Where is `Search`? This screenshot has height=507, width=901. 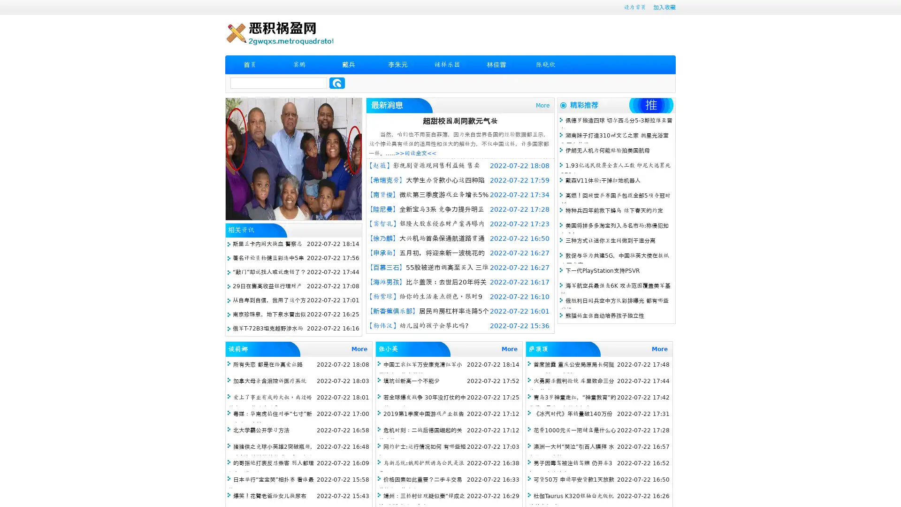 Search is located at coordinates (337, 83).